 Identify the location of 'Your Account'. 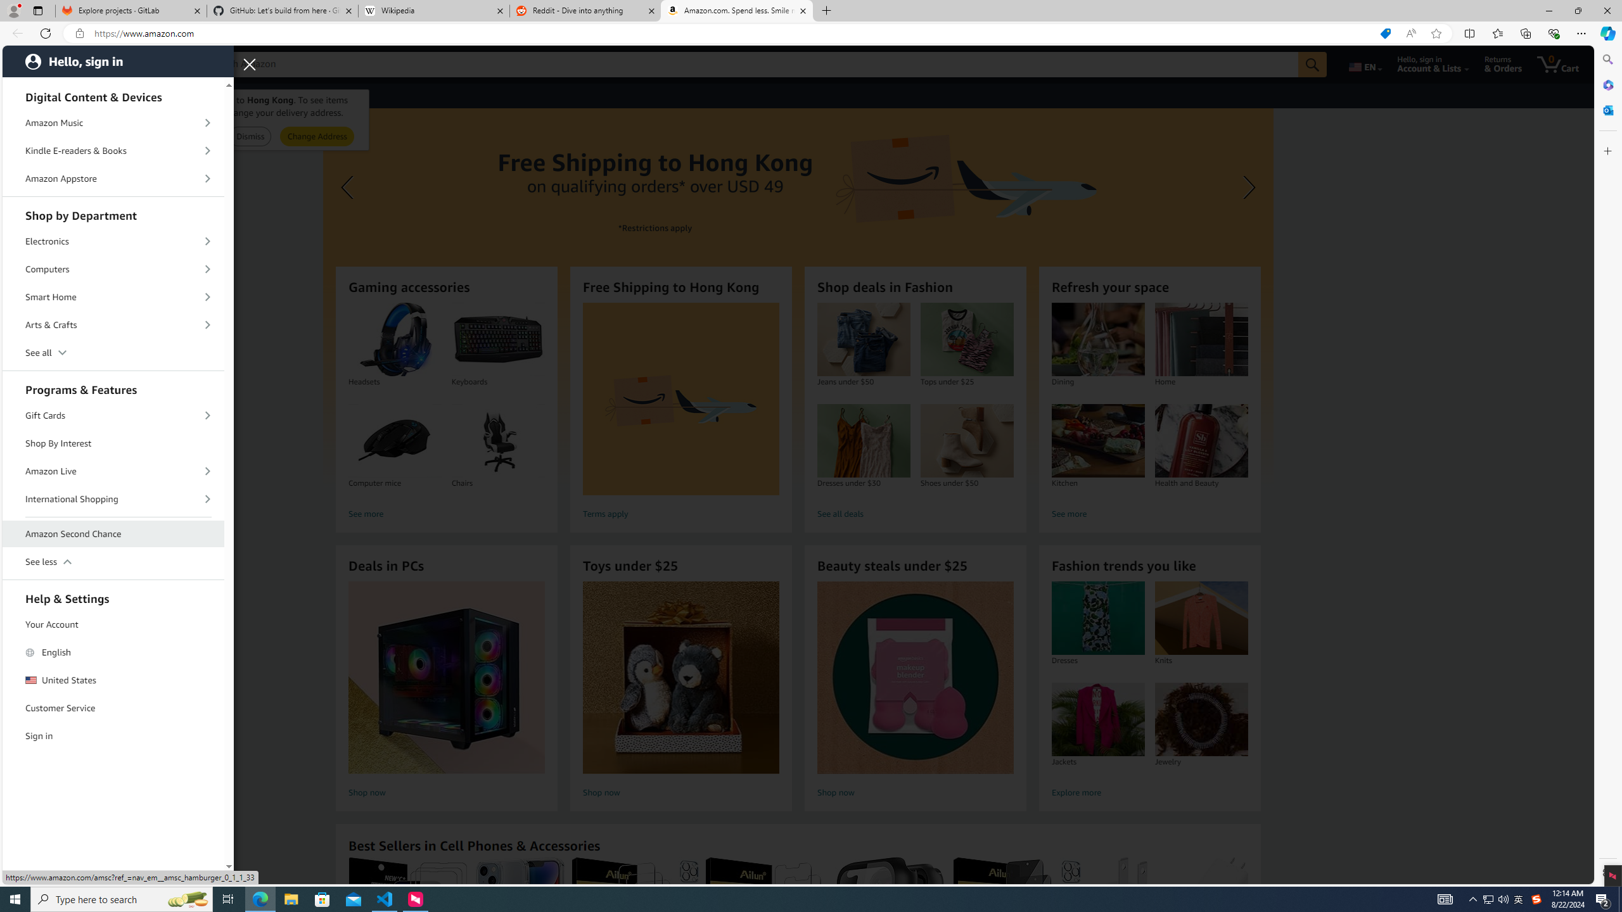
(113, 625).